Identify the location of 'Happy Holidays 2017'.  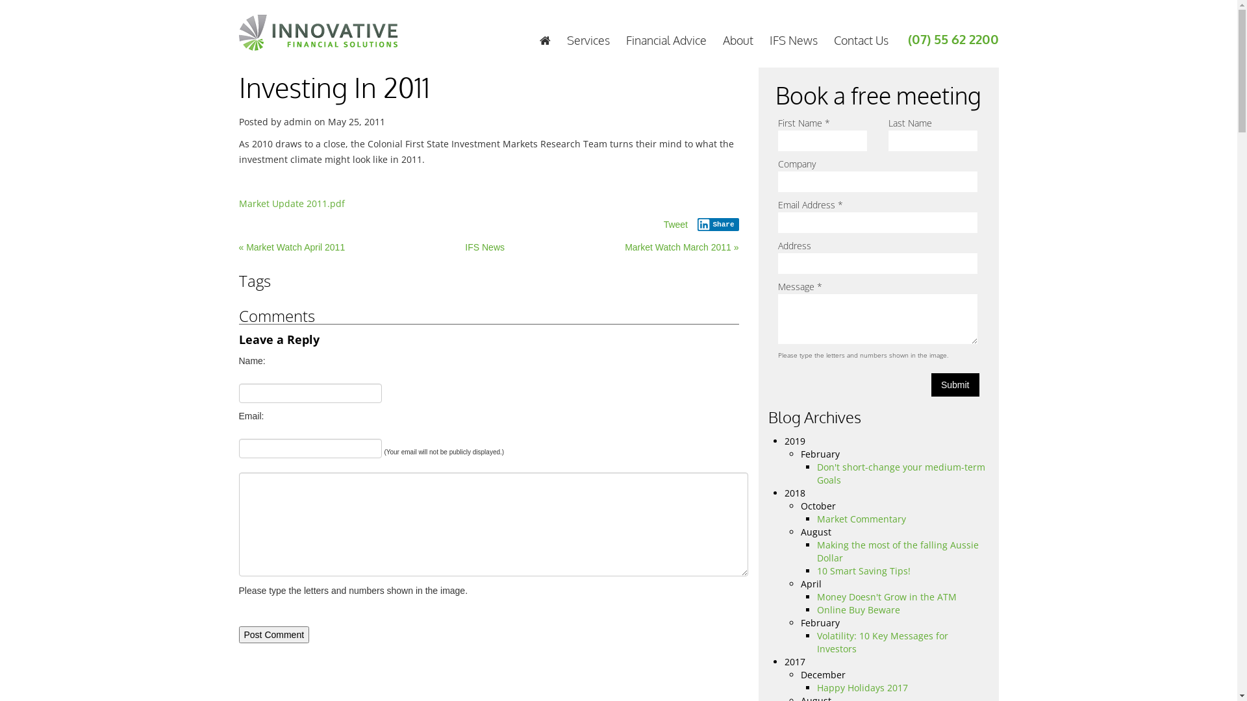
(816, 687).